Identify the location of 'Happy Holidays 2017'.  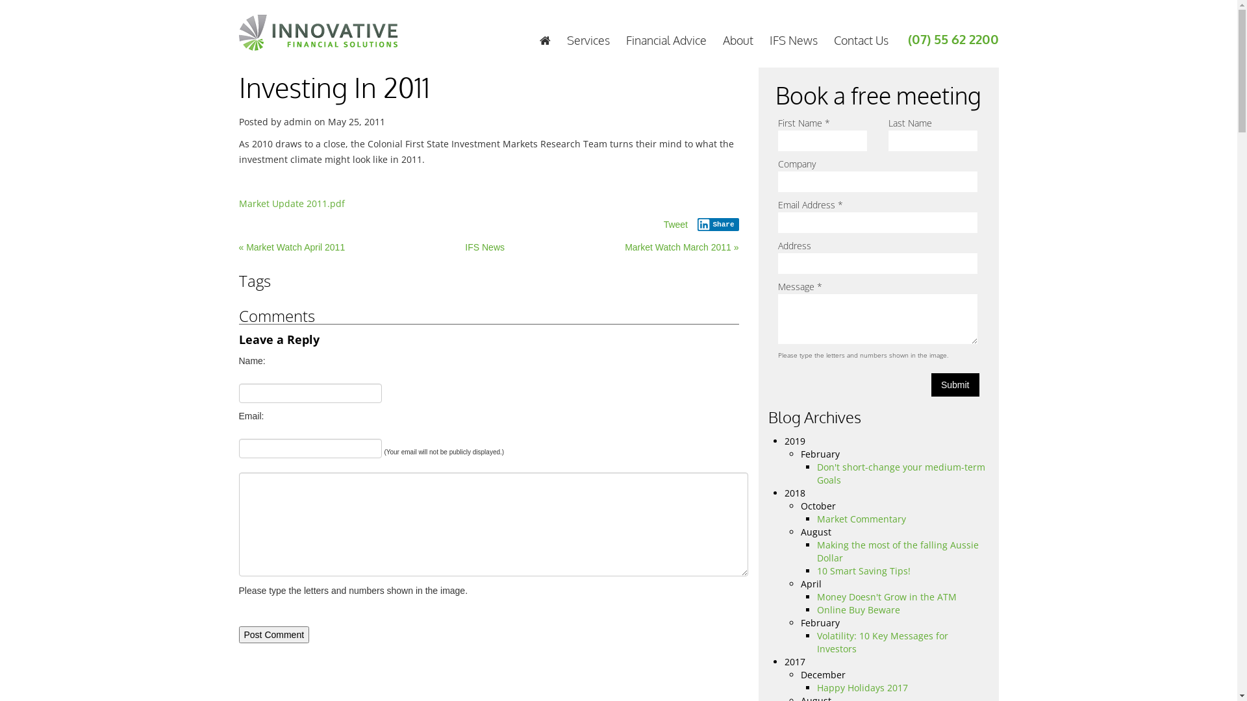
(816, 687).